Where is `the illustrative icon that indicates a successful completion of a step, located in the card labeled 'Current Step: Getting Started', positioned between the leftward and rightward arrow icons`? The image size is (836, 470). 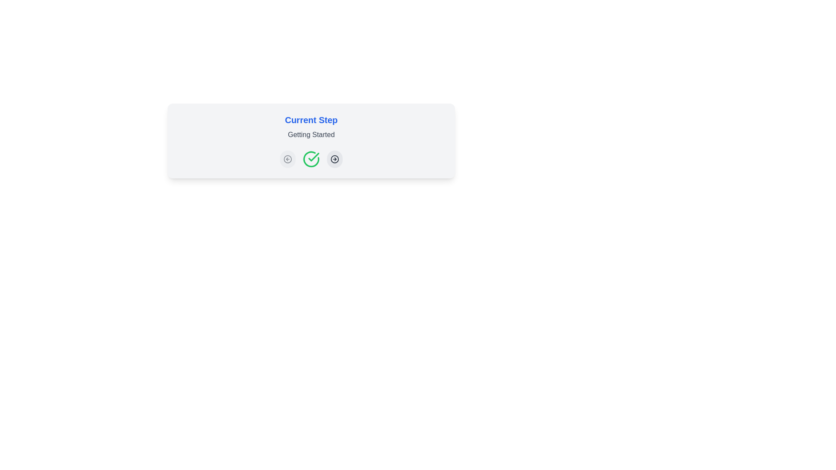 the illustrative icon that indicates a successful completion of a step, located in the card labeled 'Current Step: Getting Started', positioned between the leftward and rightward arrow icons is located at coordinates (311, 159).